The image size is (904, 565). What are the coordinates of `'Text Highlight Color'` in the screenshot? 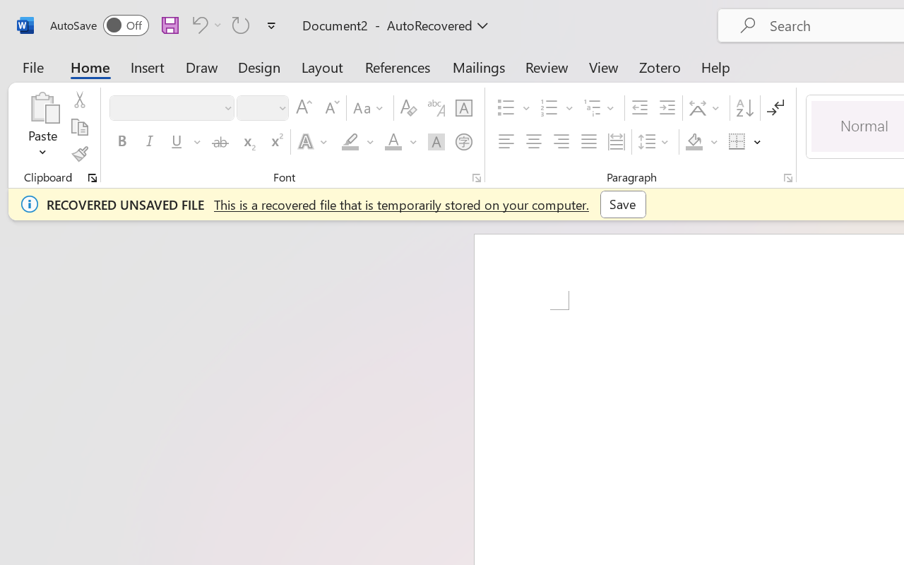 It's located at (357, 142).